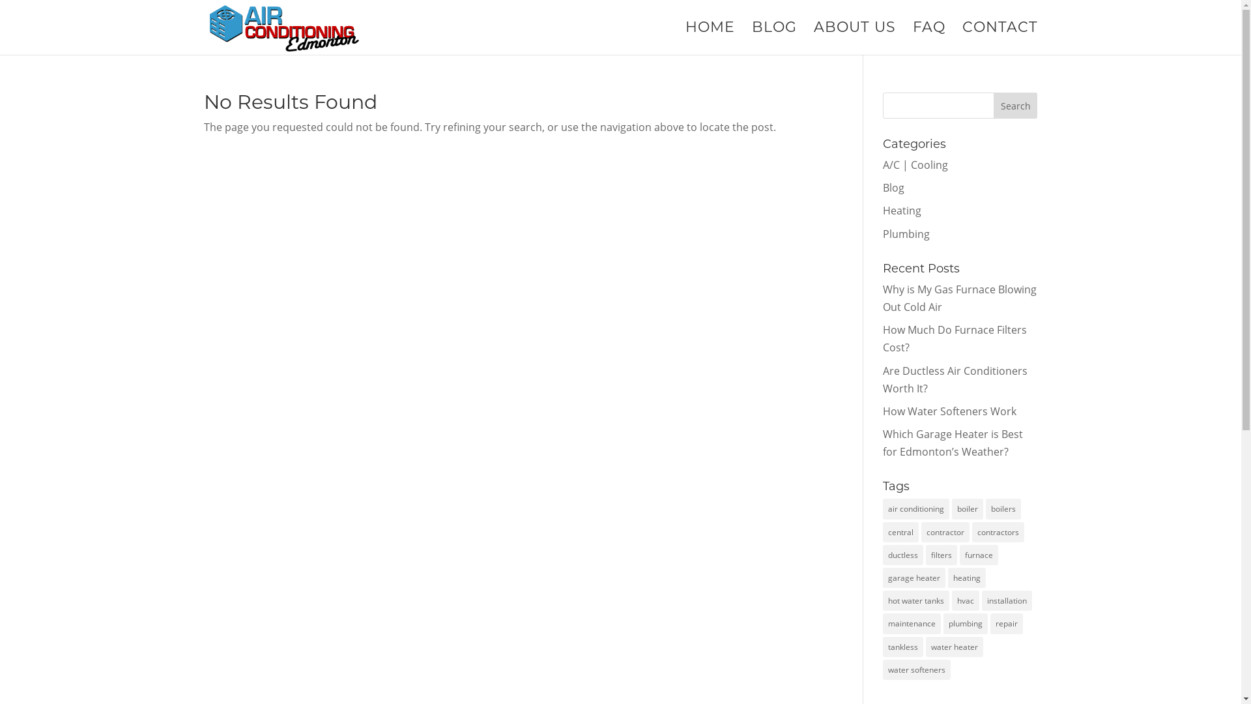  Describe the element at coordinates (882, 298) in the screenshot. I see `'Why is My Gas Furnace Blowing Out Cold Air'` at that location.